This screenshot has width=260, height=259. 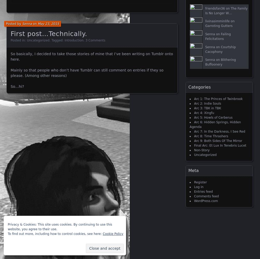 What do you see at coordinates (206, 196) in the screenshot?
I see `'Comments feed'` at bounding box center [206, 196].